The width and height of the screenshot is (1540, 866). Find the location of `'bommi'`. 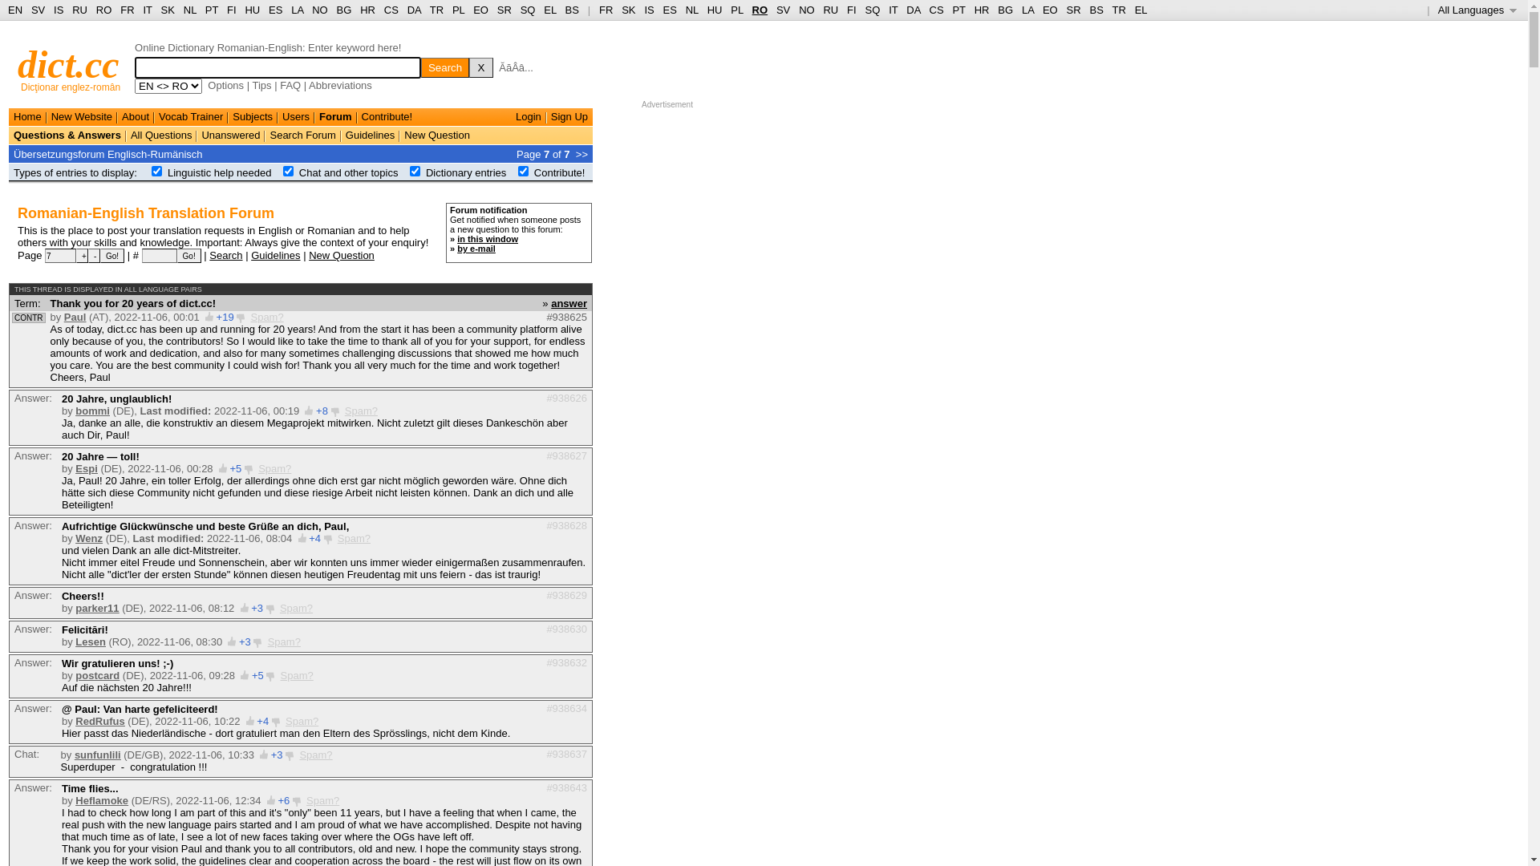

'bommi' is located at coordinates (91, 410).